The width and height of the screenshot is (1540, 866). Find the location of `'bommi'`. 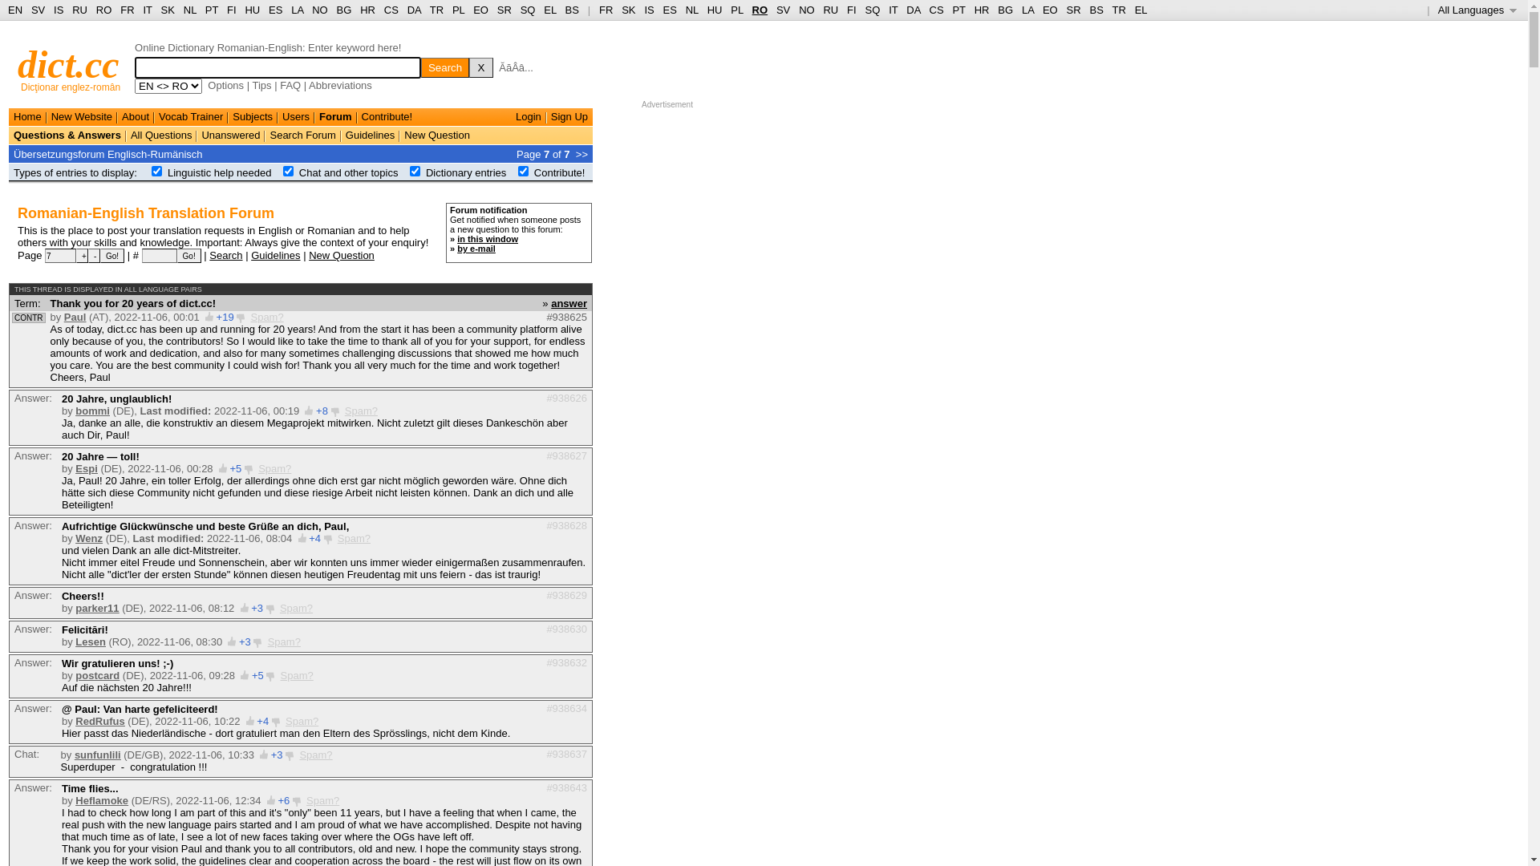

'bommi' is located at coordinates (91, 410).